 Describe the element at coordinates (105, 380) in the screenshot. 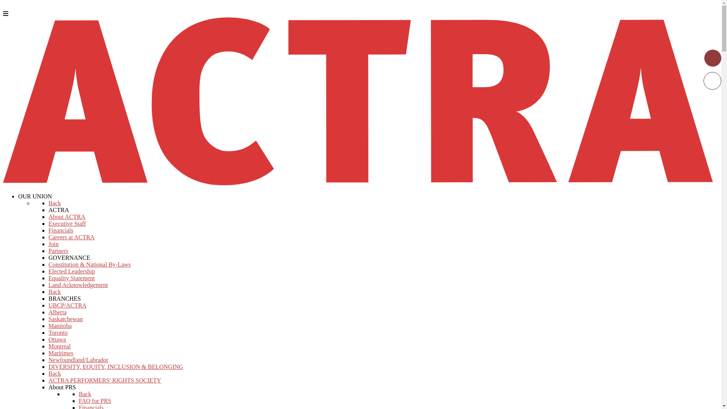

I see `'ACTRA PERFORMERS' RIGHTS SOCIETY'` at that location.